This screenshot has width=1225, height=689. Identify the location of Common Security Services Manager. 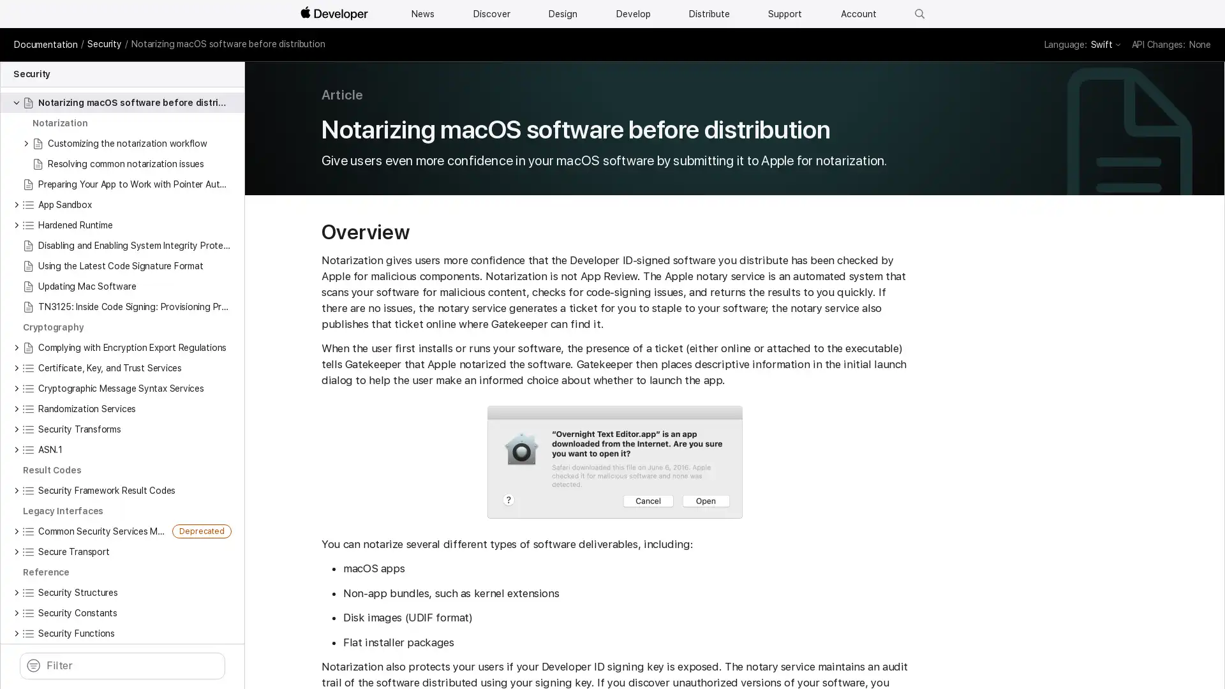
(15, 538).